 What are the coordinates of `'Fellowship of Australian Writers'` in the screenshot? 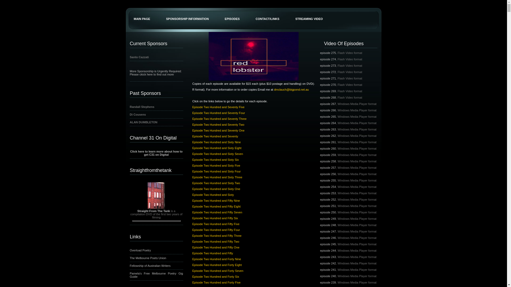 It's located at (150, 265).